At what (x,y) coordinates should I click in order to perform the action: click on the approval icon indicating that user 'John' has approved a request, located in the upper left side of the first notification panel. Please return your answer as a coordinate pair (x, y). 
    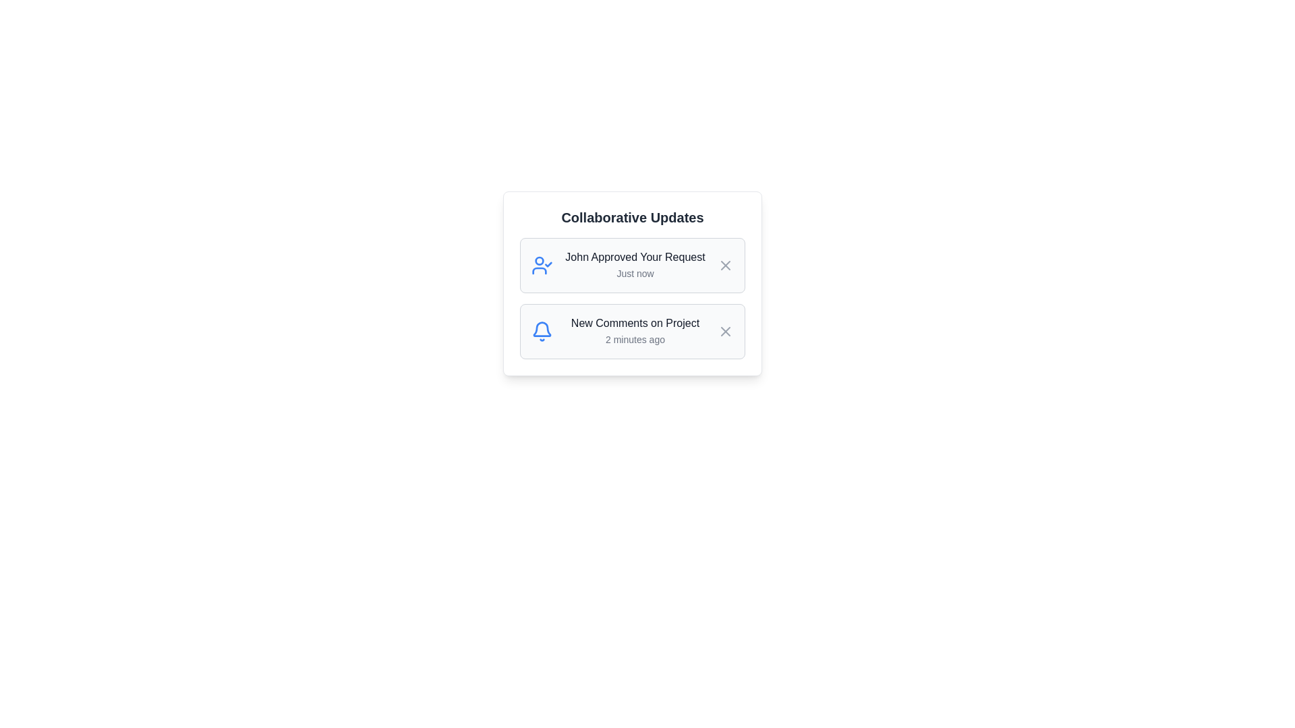
    Looking at the image, I should click on (542, 265).